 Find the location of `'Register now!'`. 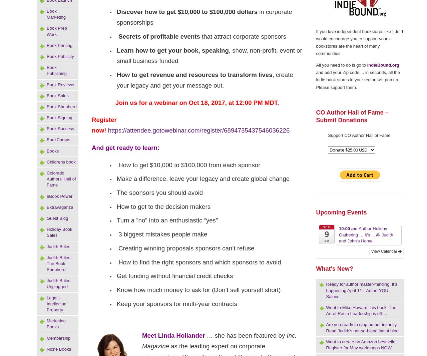

'Register now!' is located at coordinates (103, 125).